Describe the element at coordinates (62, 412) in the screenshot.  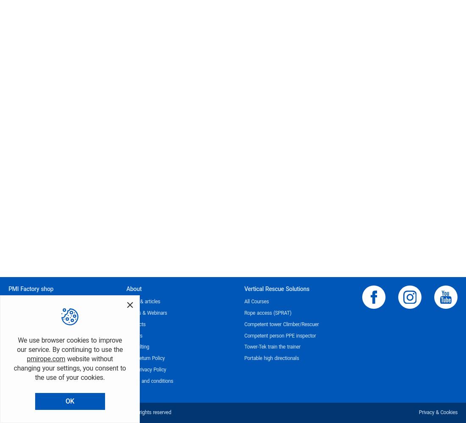
I see `'Copyright © 2023 Pigeon Mountain Industries, Inc.'` at that location.